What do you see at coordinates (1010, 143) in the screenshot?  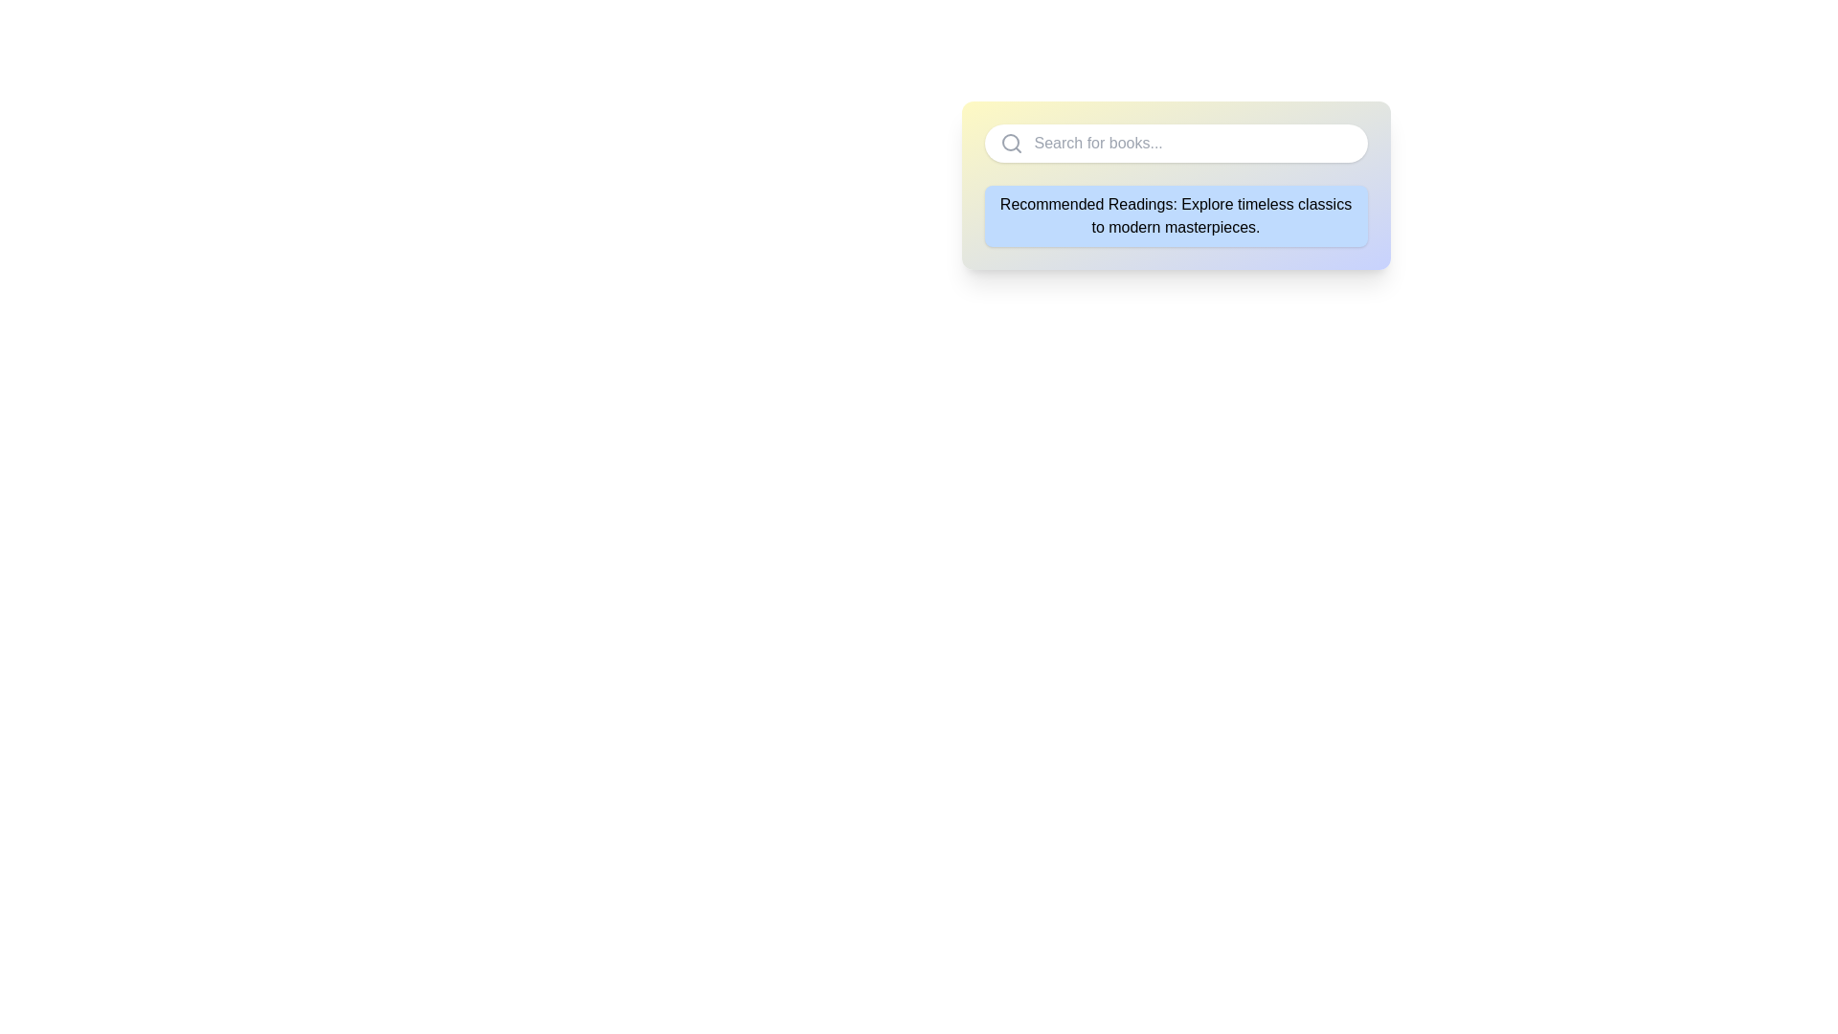 I see `the magnifying glass icon located at the leftmost edge of the horizontal search input bar to initiate a search` at bounding box center [1010, 143].